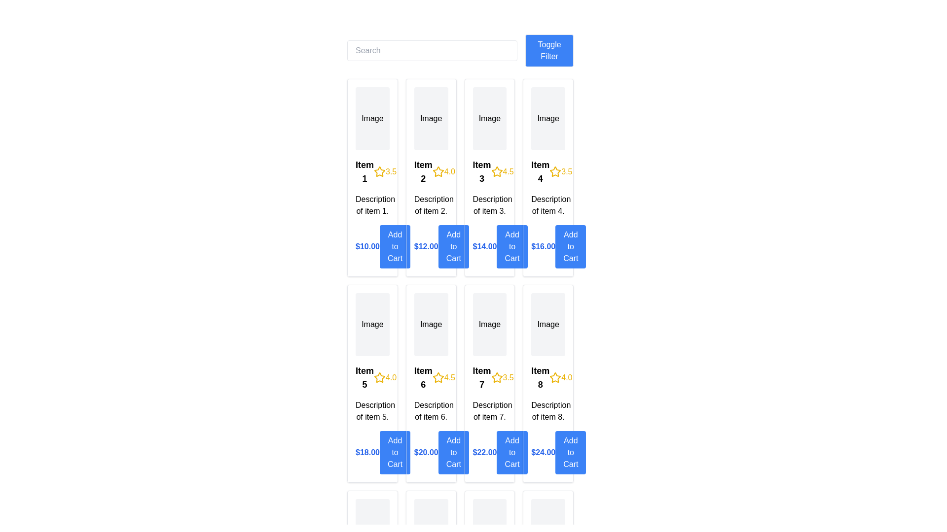 The width and height of the screenshot is (947, 532). What do you see at coordinates (437, 171) in the screenshot?
I see `the rating icon indicating a value of 4.0 located in the second item card, right of 'Item 2' and above the 'Add to Cart' button` at bounding box center [437, 171].